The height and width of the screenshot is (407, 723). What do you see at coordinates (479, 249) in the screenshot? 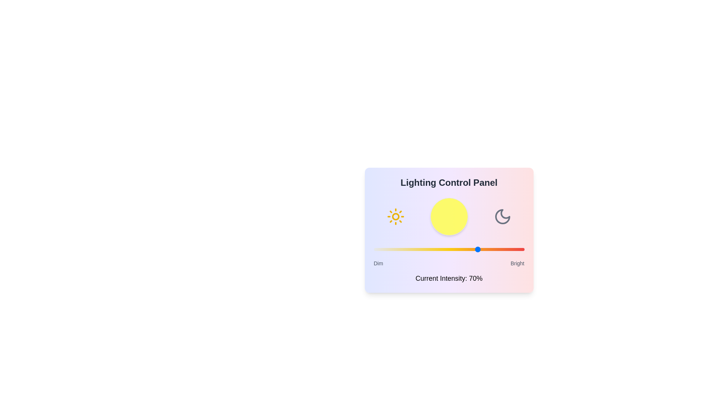
I see `the lighting intensity to 70% by dragging the slider` at bounding box center [479, 249].